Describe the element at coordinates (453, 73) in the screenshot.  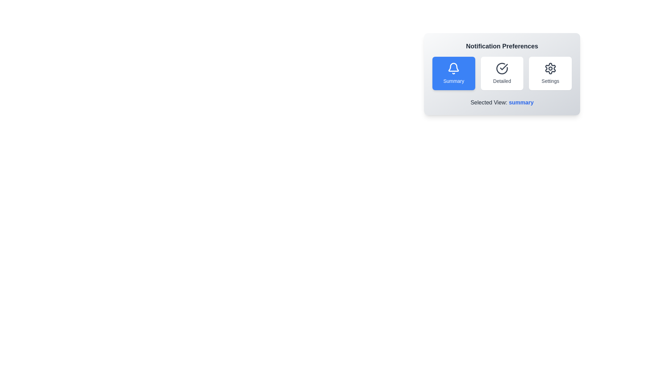
I see `the Summary button to observe its hover effect` at that location.